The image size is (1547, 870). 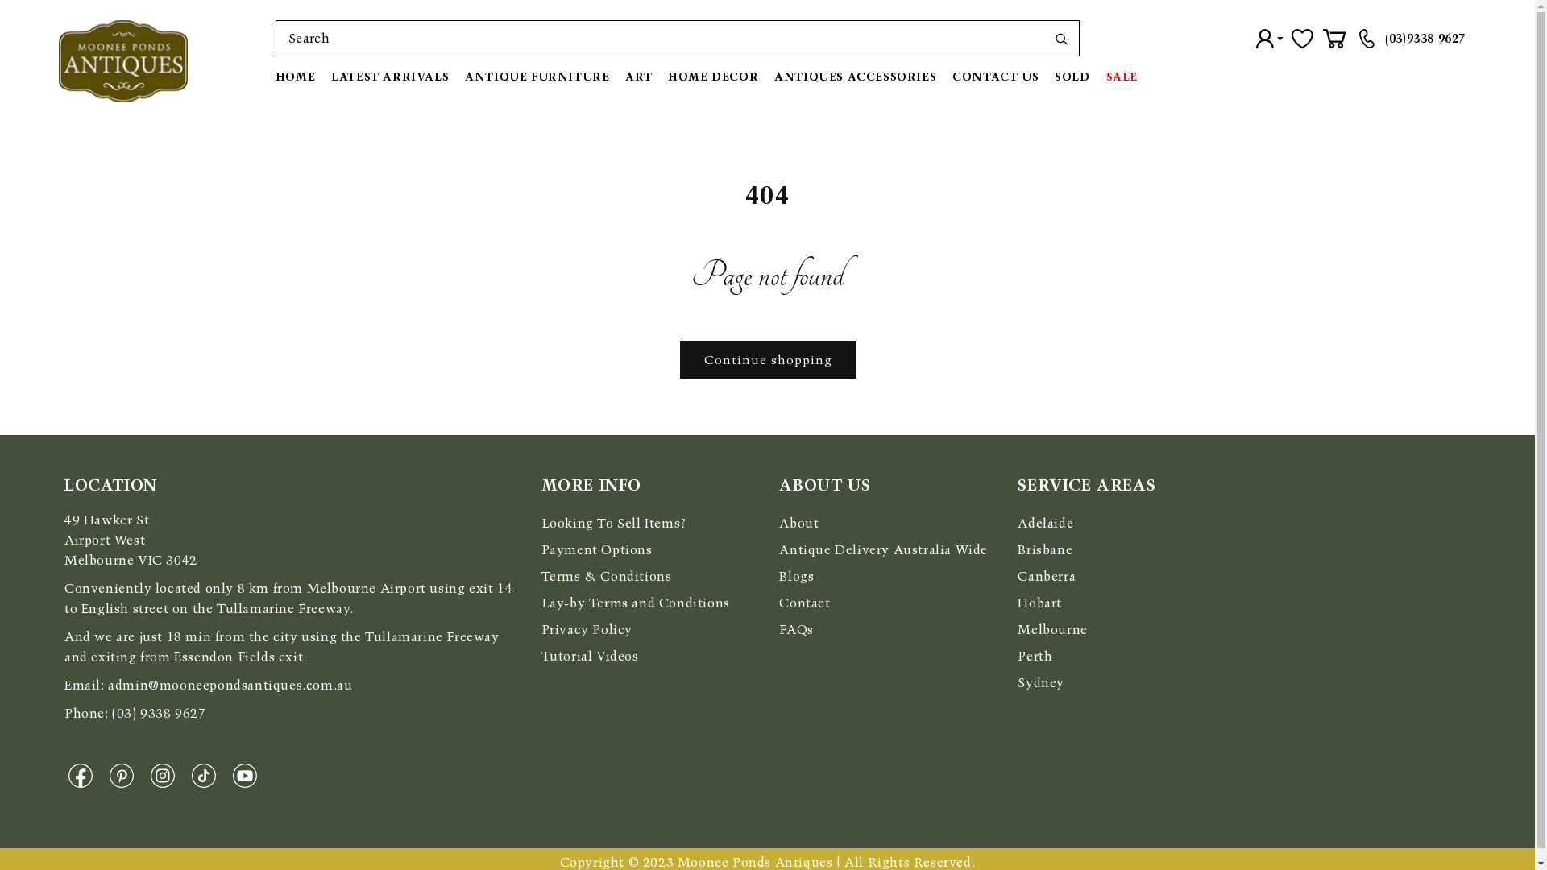 I want to click on 'Canberra', so click(x=1047, y=575).